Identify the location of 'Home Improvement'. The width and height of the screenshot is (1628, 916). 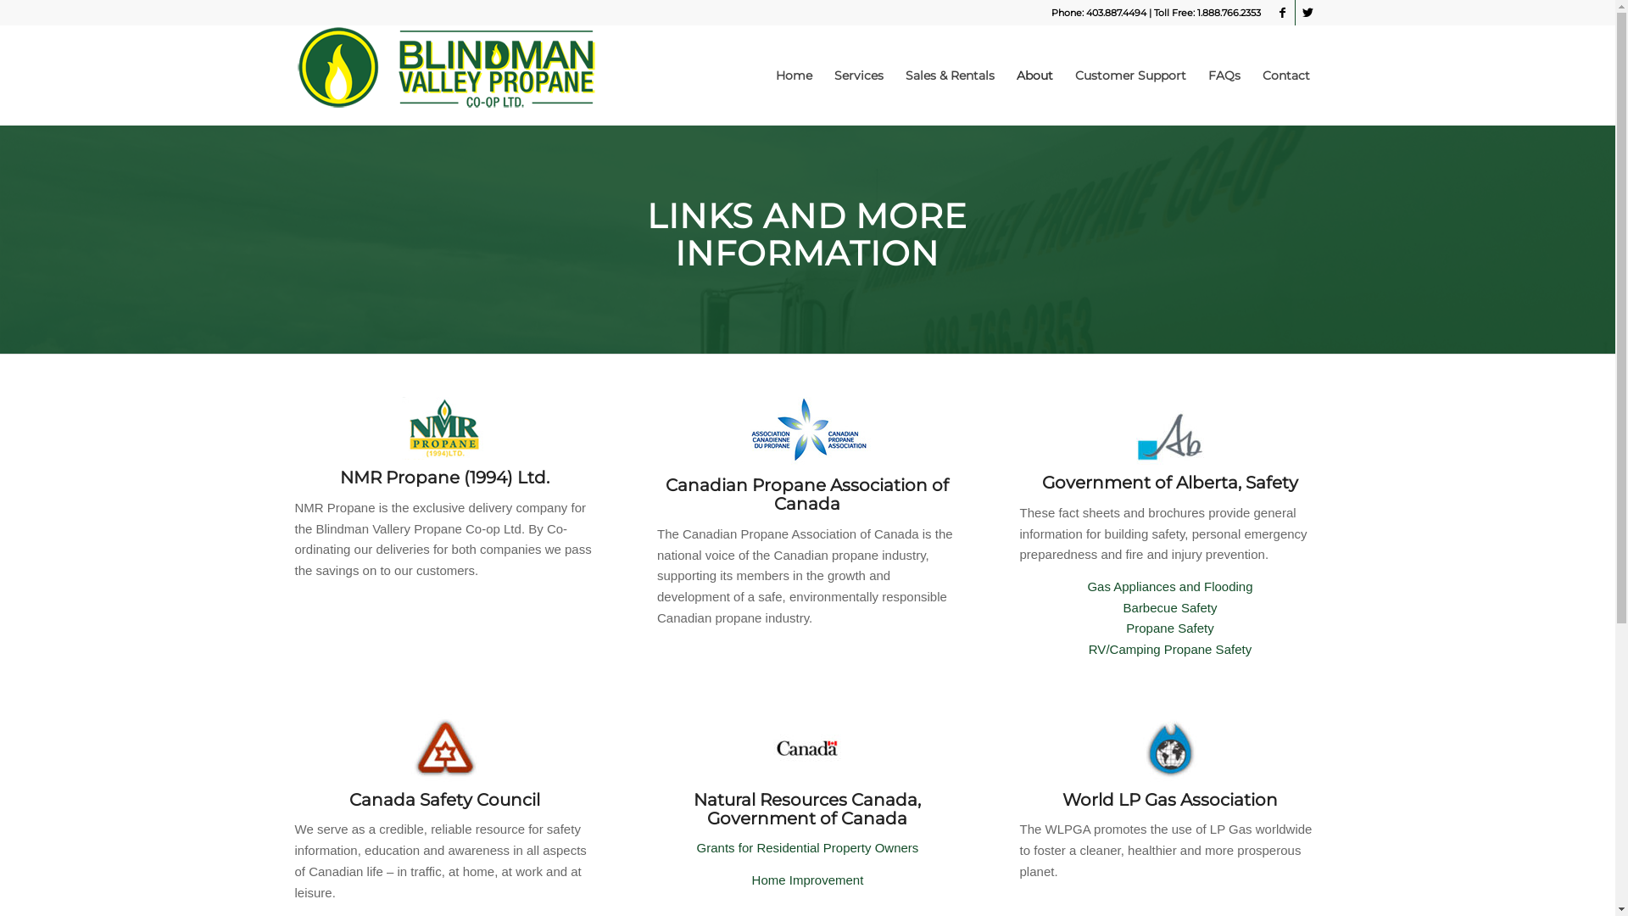
(807, 879).